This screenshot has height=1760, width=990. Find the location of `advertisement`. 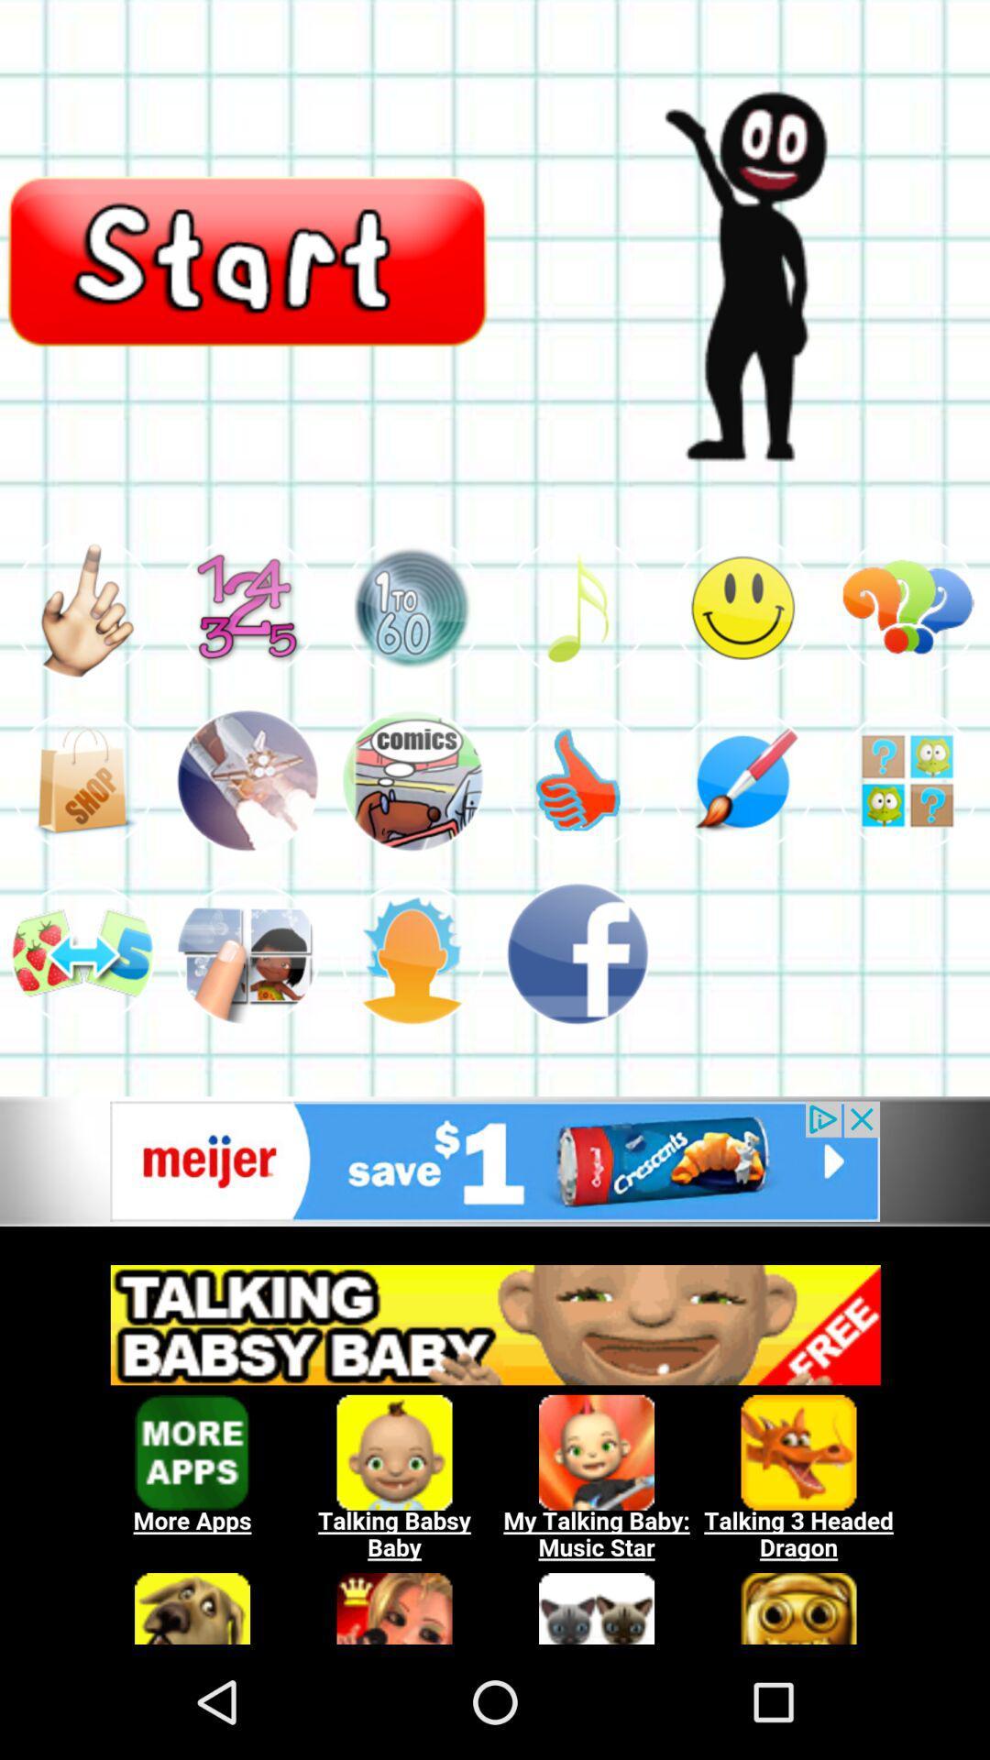

advertisement is located at coordinates (576, 953).